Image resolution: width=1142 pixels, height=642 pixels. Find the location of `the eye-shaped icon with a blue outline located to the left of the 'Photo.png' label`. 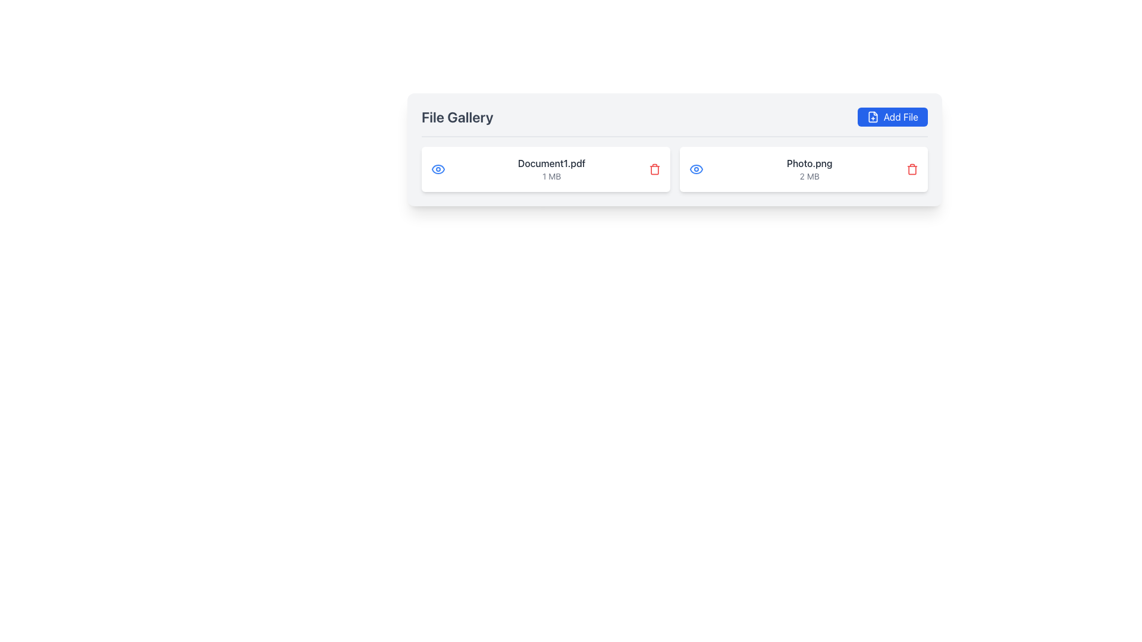

the eye-shaped icon with a blue outline located to the left of the 'Photo.png' label is located at coordinates (696, 169).